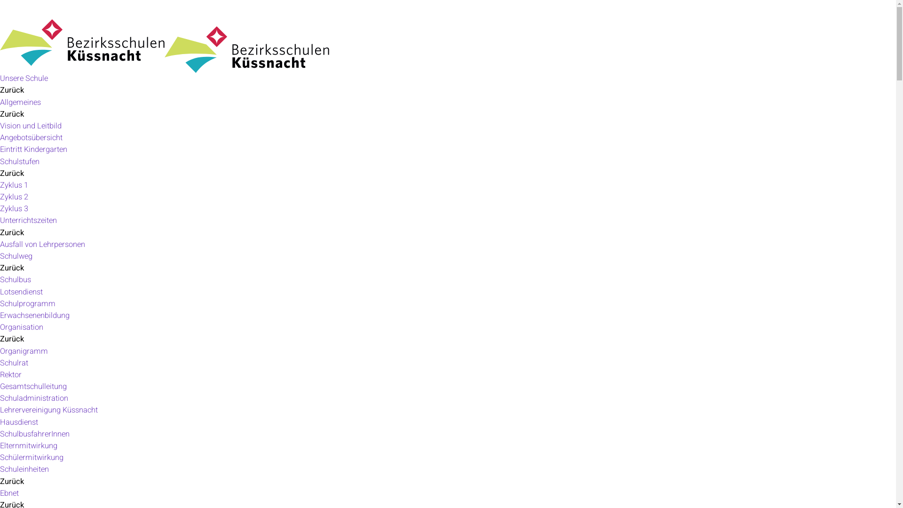 This screenshot has height=508, width=903. Describe the element at coordinates (14, 362) in the screenshot. I see `'Schulrat'` at that location.